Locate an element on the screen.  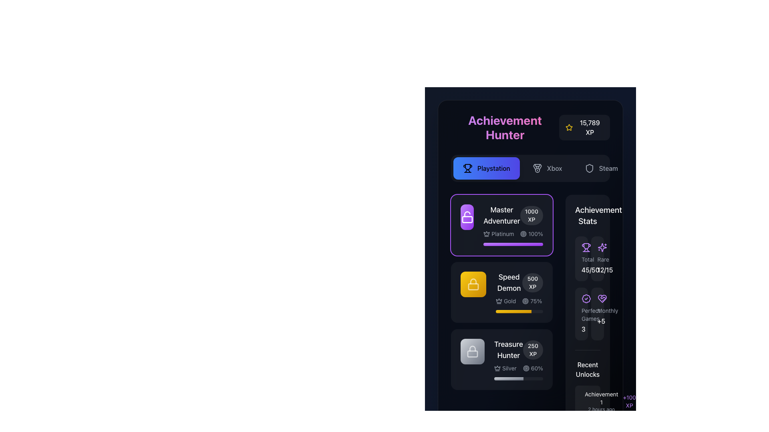
the 'Treasure Hunter' achievement card, which is the third card in the list under 'Achievement Hunter' is located at coordinates (501, 359).